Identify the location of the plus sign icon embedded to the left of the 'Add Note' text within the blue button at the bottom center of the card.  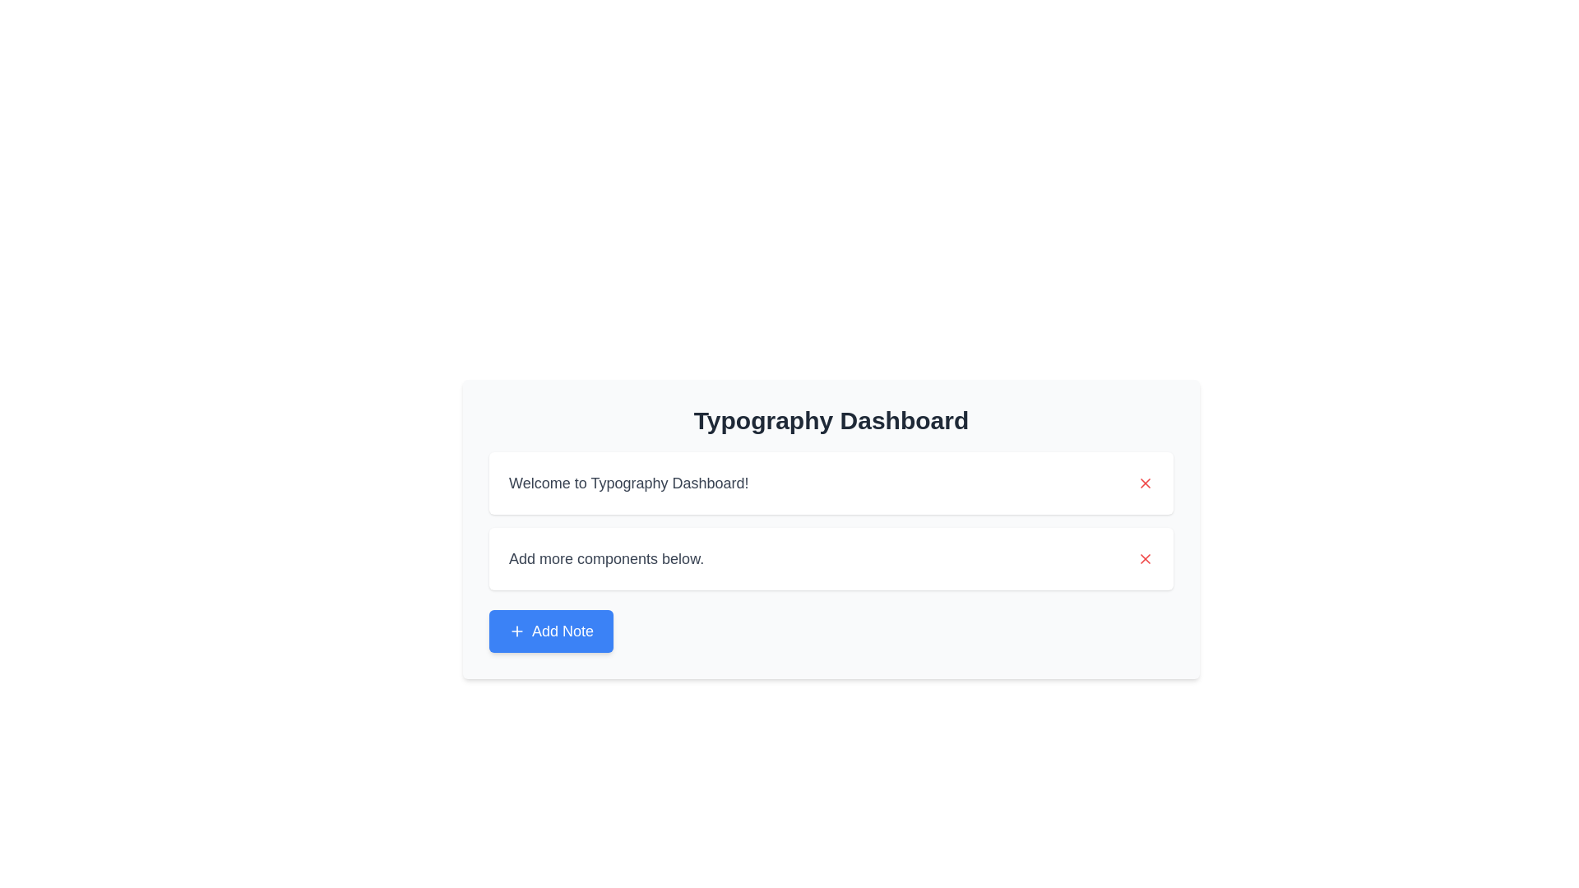
(516, 630).